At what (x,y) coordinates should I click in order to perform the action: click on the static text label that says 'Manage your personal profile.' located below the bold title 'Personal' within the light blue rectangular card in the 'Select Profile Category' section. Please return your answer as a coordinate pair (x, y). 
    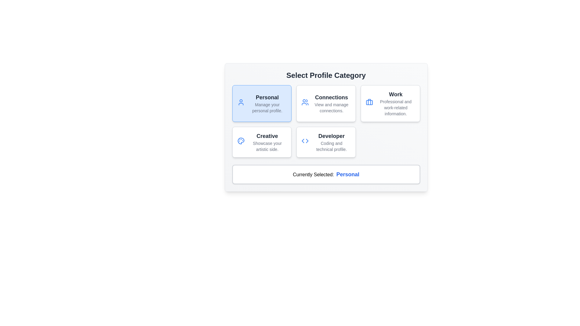
    Looking at the image, I should click on (267, 107).